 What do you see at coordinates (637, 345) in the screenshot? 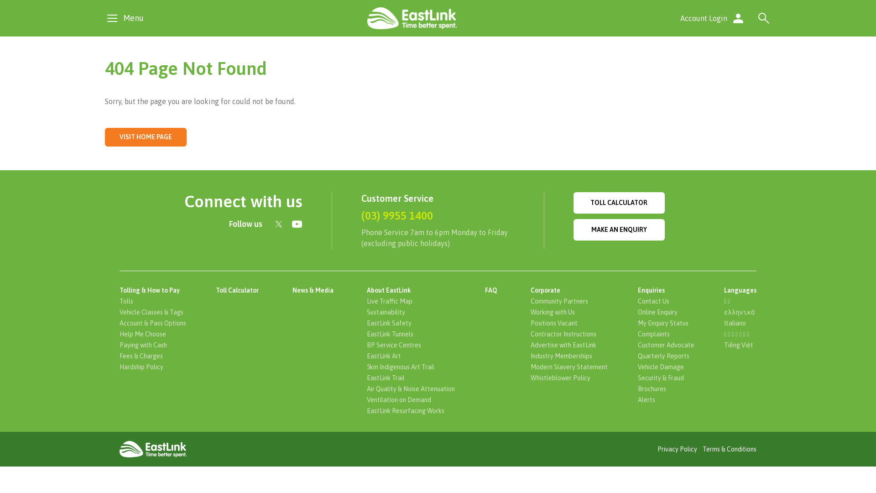
I see `'Customer Advocate'` at bounding box center [637, 345].